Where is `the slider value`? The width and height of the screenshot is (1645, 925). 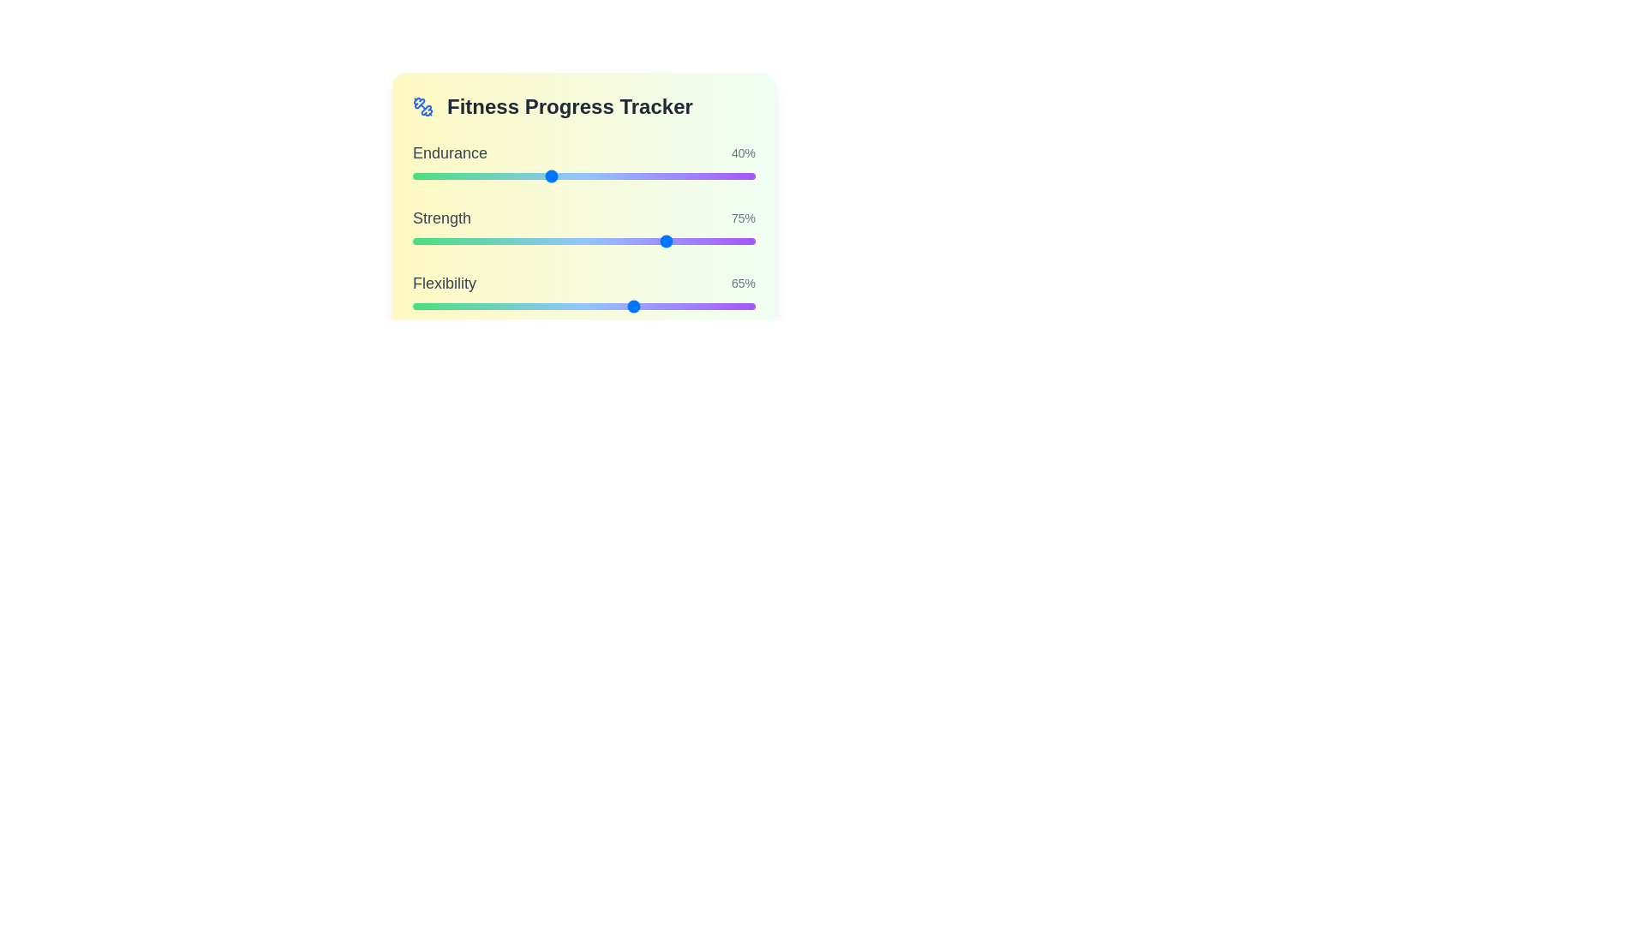 the slider value is located at coordinates (669, 241).